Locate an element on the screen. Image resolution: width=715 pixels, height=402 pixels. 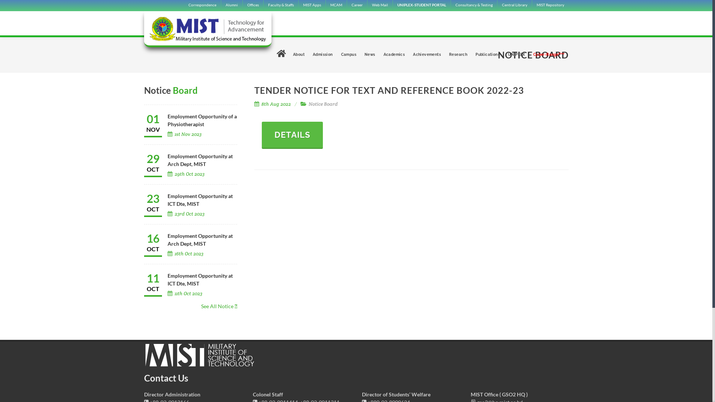
'Offices' is located at coordinates (253, 6).